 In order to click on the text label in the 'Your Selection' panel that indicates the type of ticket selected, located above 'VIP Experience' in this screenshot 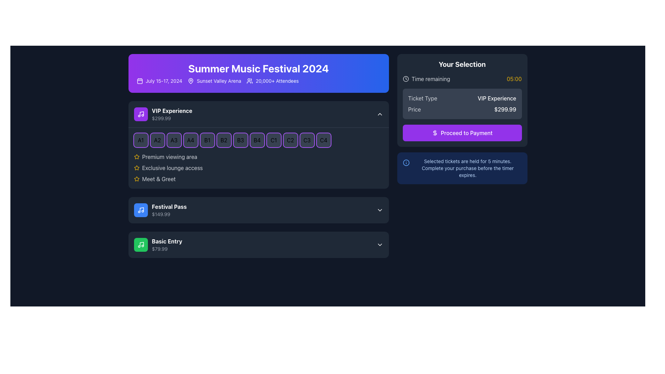, I will do `click(422, 98)`.